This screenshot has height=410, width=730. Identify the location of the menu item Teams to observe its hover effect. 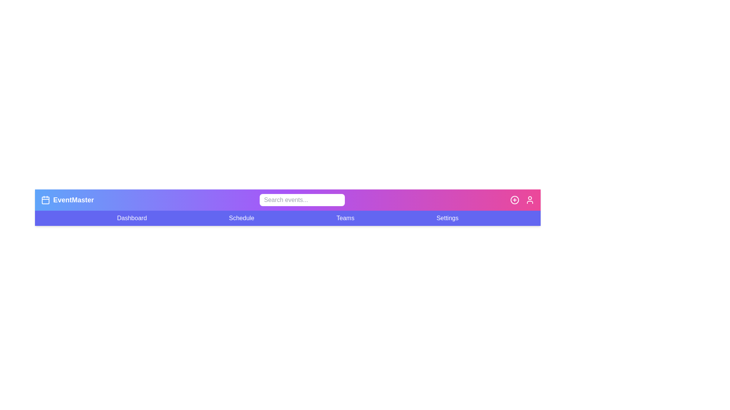
(345, 218).